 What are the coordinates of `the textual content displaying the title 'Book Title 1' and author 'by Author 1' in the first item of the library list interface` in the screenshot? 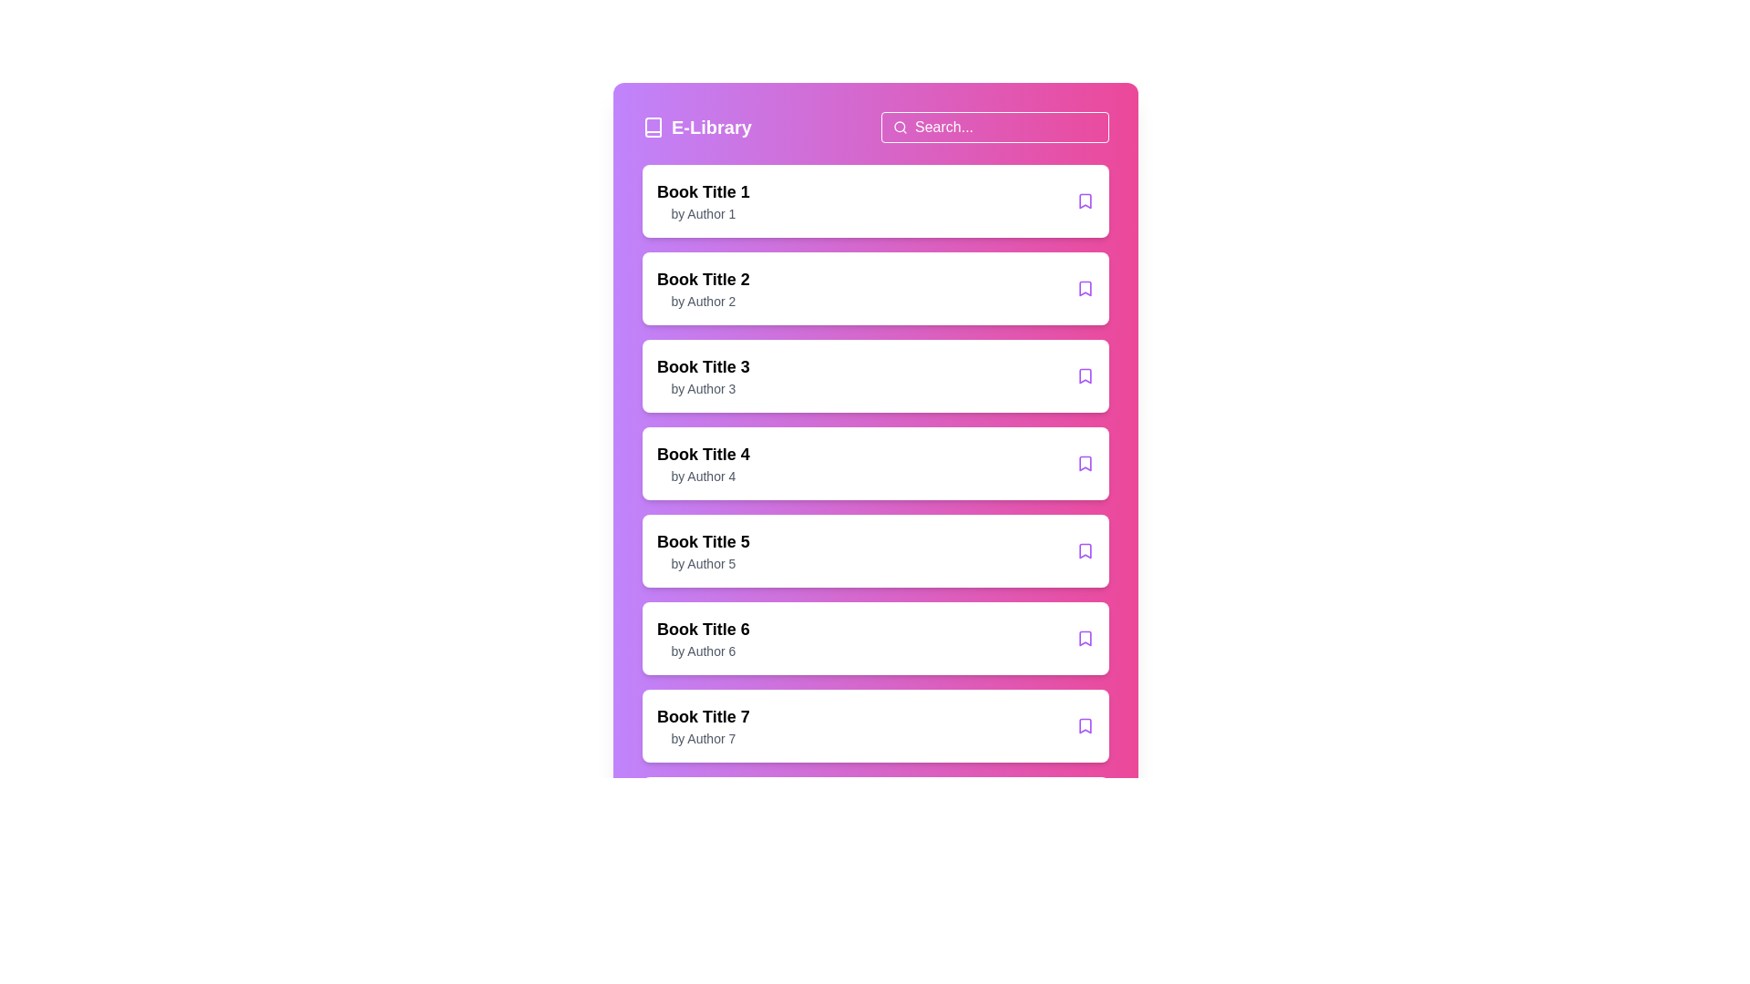 It's located at (702, 200).